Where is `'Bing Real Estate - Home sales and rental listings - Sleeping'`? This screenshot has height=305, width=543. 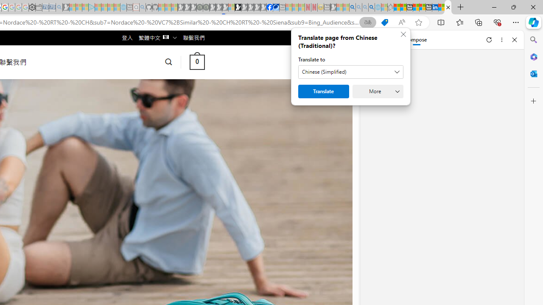 'Bing Real Estate - Home sales and rental listings - Sleeping' is located at coordinates (59, 7).